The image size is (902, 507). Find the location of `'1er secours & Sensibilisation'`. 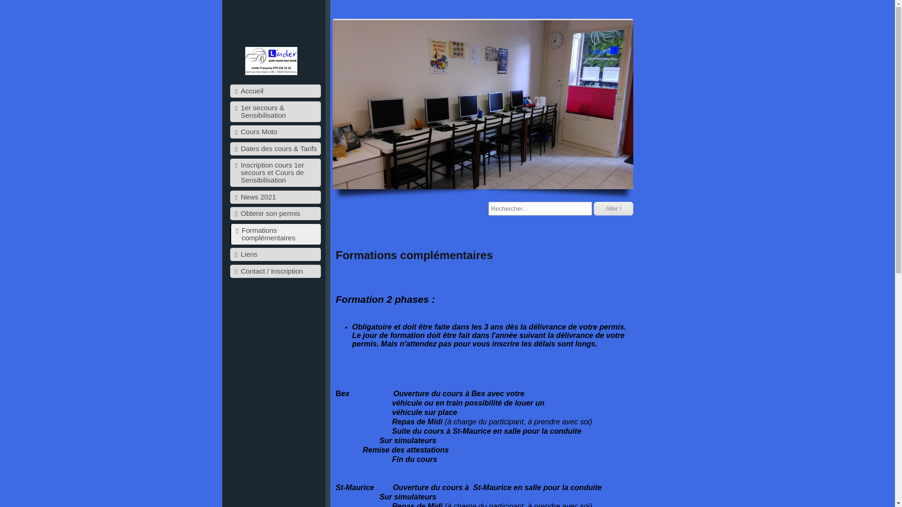

'1er secours & Sensibilisation' is located at coordinates (275, 111).